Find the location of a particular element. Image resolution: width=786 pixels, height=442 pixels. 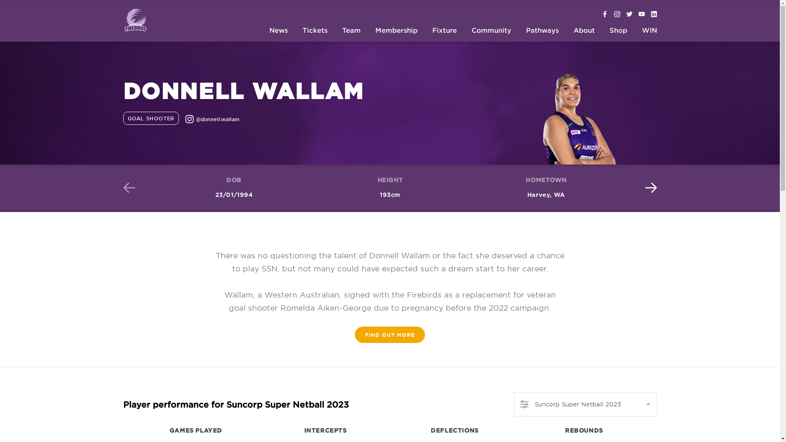

'Firebirds Facebook' is located at coordinates (605, 14).